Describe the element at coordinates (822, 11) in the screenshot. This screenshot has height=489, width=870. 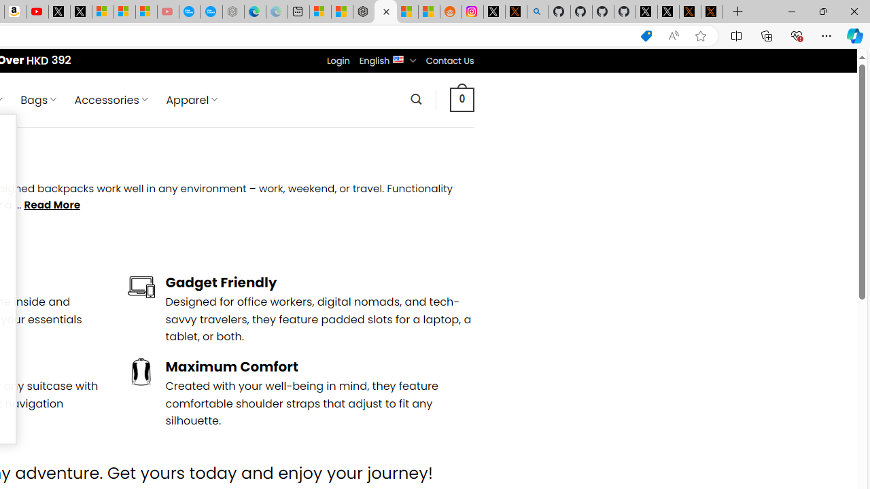
I see `'Restore'` at that location.